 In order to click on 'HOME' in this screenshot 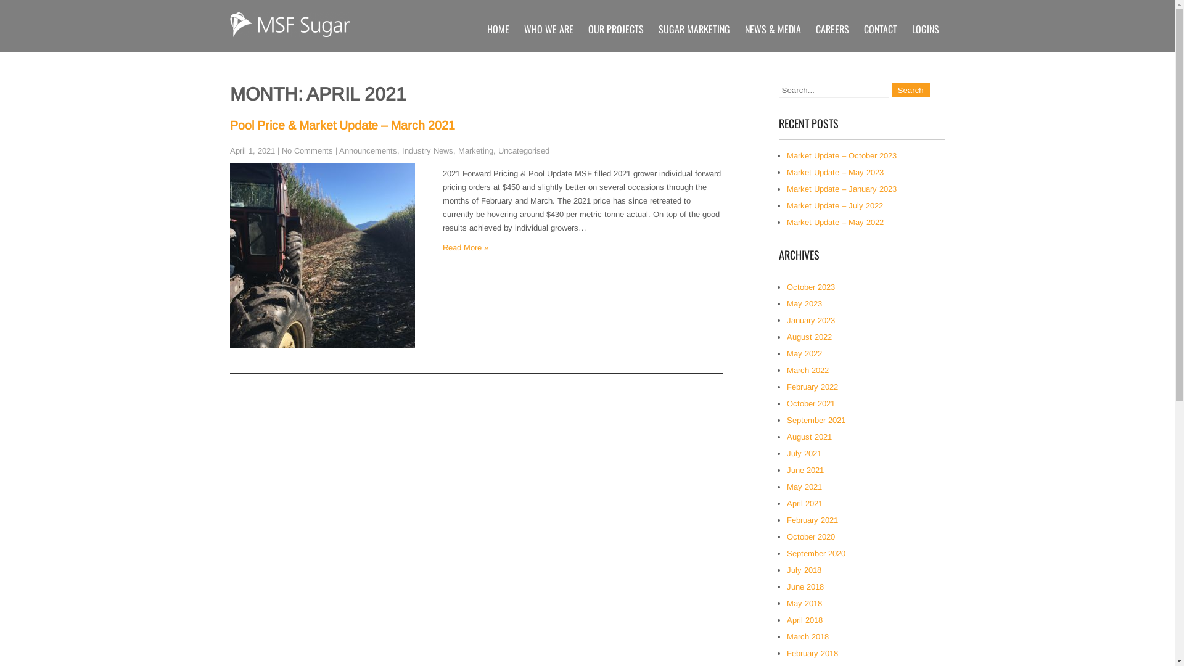, I will do `click(498, 28)`.